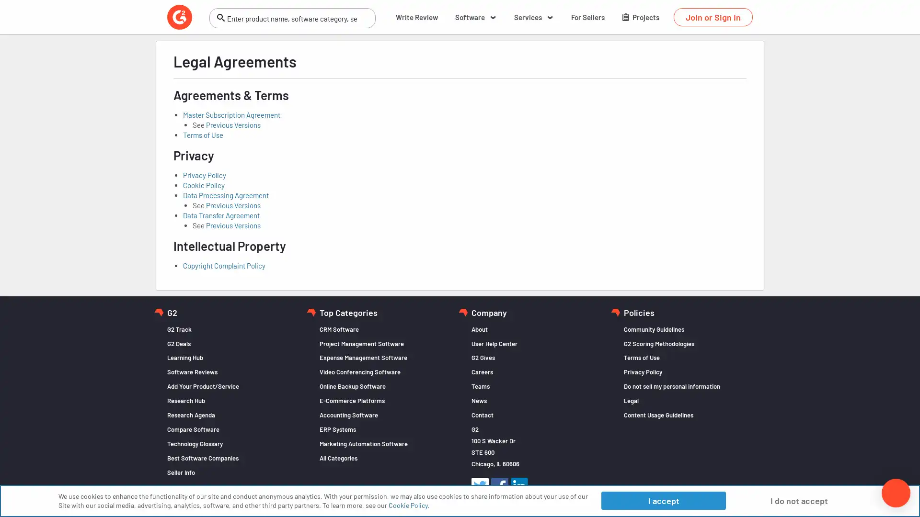 Image resolution: width=920 pixels, height=517 pixels. What do you see at coordinates (896, 493) in the screenshot?
I see `Open Intercom Messenger` at bounding box center [896, 493].